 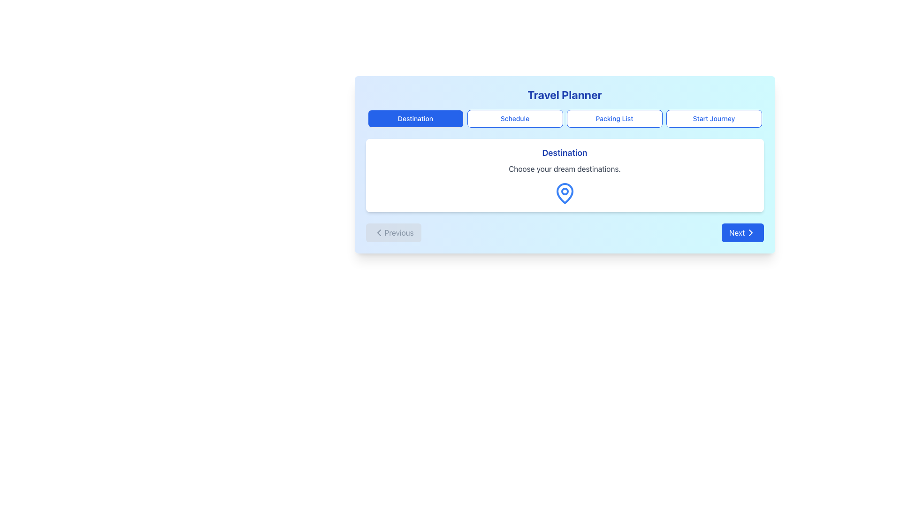 I want to click on the 'Schedule' button, which is a rectangular button with rounded corners, white background, blue border, and blue center-aligned text, so click(x=514, y=118).